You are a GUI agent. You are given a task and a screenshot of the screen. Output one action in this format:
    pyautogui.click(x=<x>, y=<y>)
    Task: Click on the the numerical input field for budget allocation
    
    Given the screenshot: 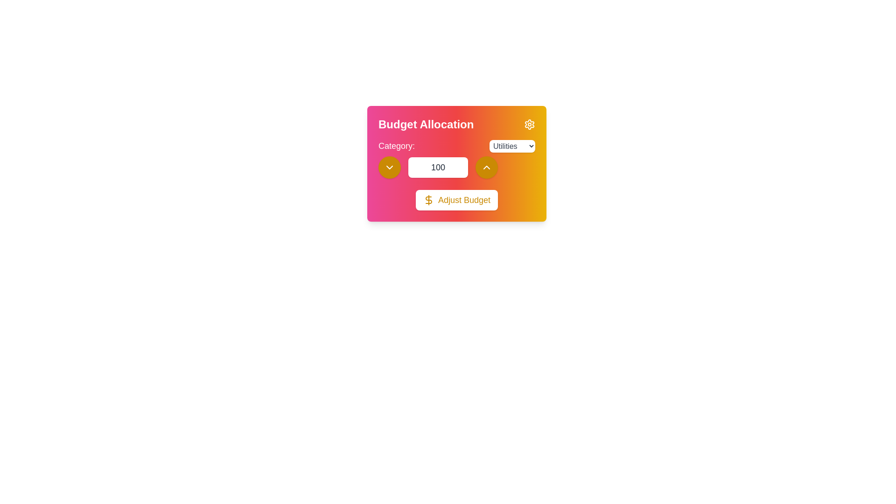 What is the action you would take?
    pyautogui.click(x=457, y=158)
    